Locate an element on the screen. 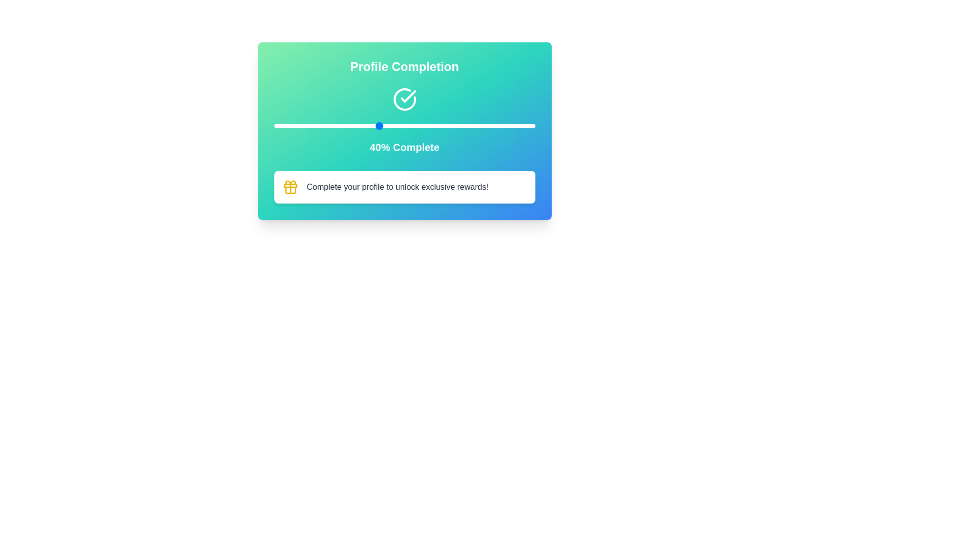 This screenshot has height=551, width=979. the slider to set the completion percentage to 77 is located at coordinates (474, 125).